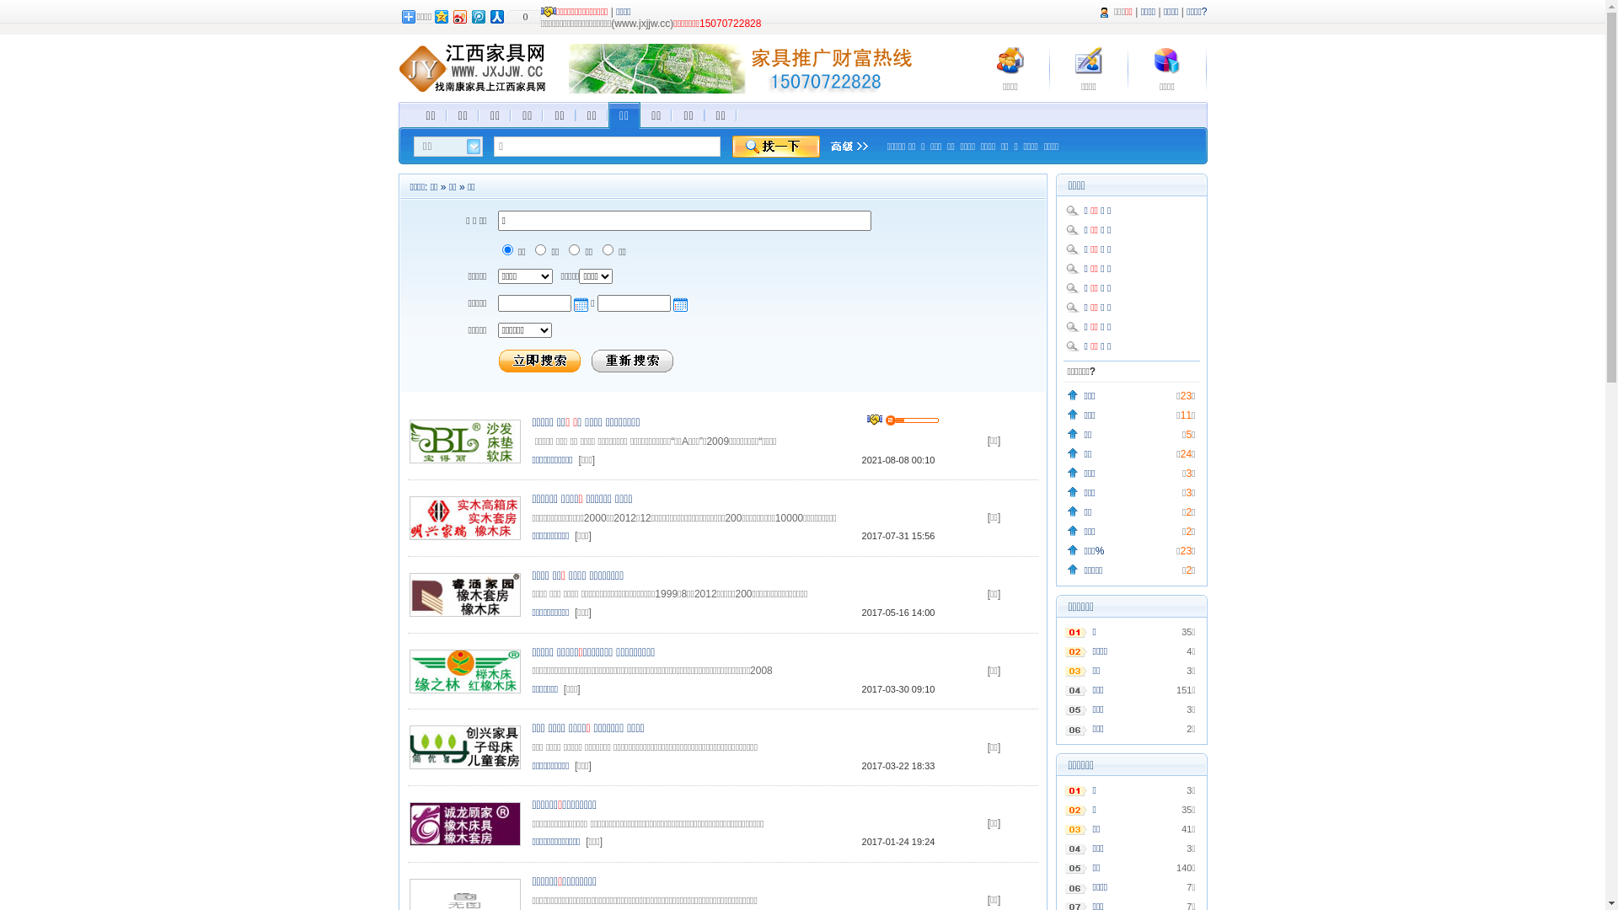  Describe the element at coordinates (522, 16) in the screenshot. I see `'0'` at that location.